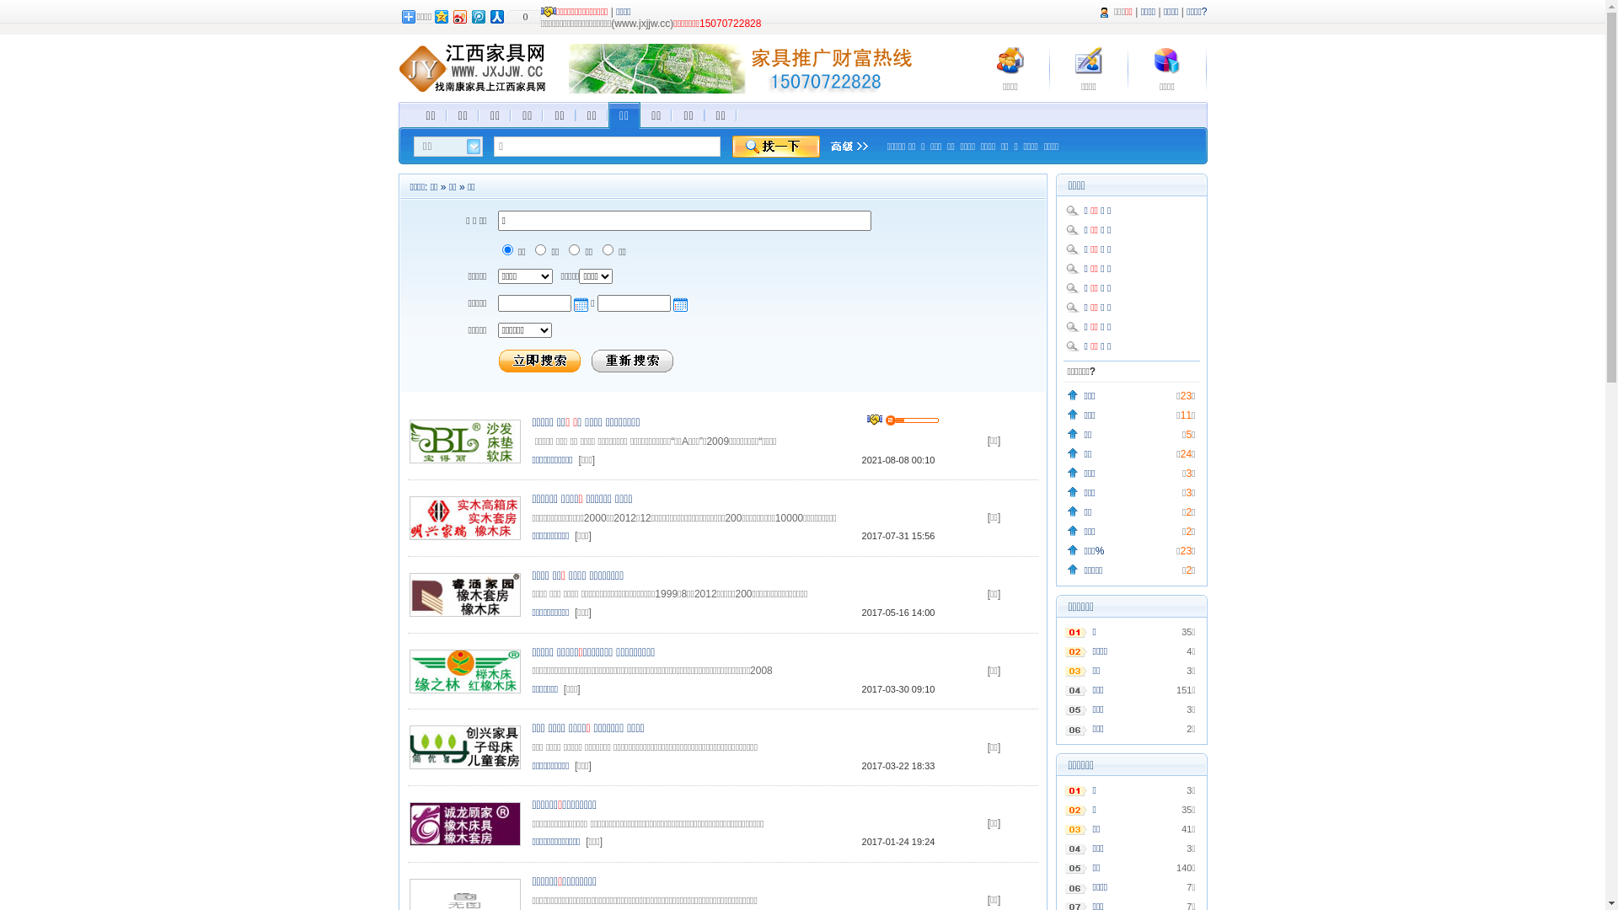  Describe the element at coordinates (522, 16) in the screenshot. I see `'0'` at that location.